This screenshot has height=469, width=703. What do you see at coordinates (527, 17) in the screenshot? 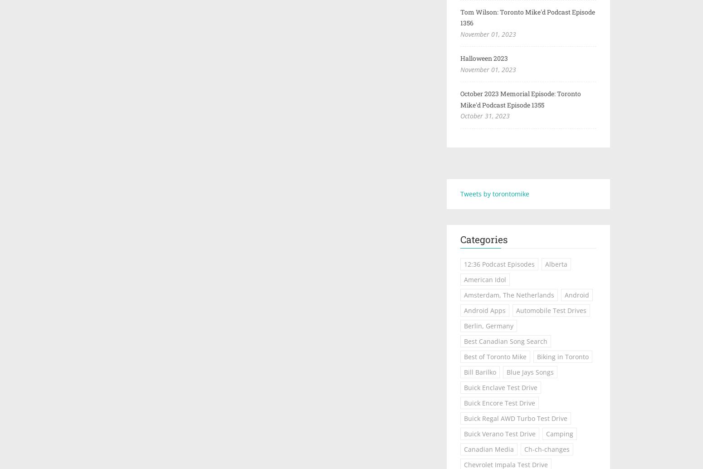
I see `'Tom Wilson: Toronto Mike'd Podcast Episode 1356'` at bounding box center [527, 17].